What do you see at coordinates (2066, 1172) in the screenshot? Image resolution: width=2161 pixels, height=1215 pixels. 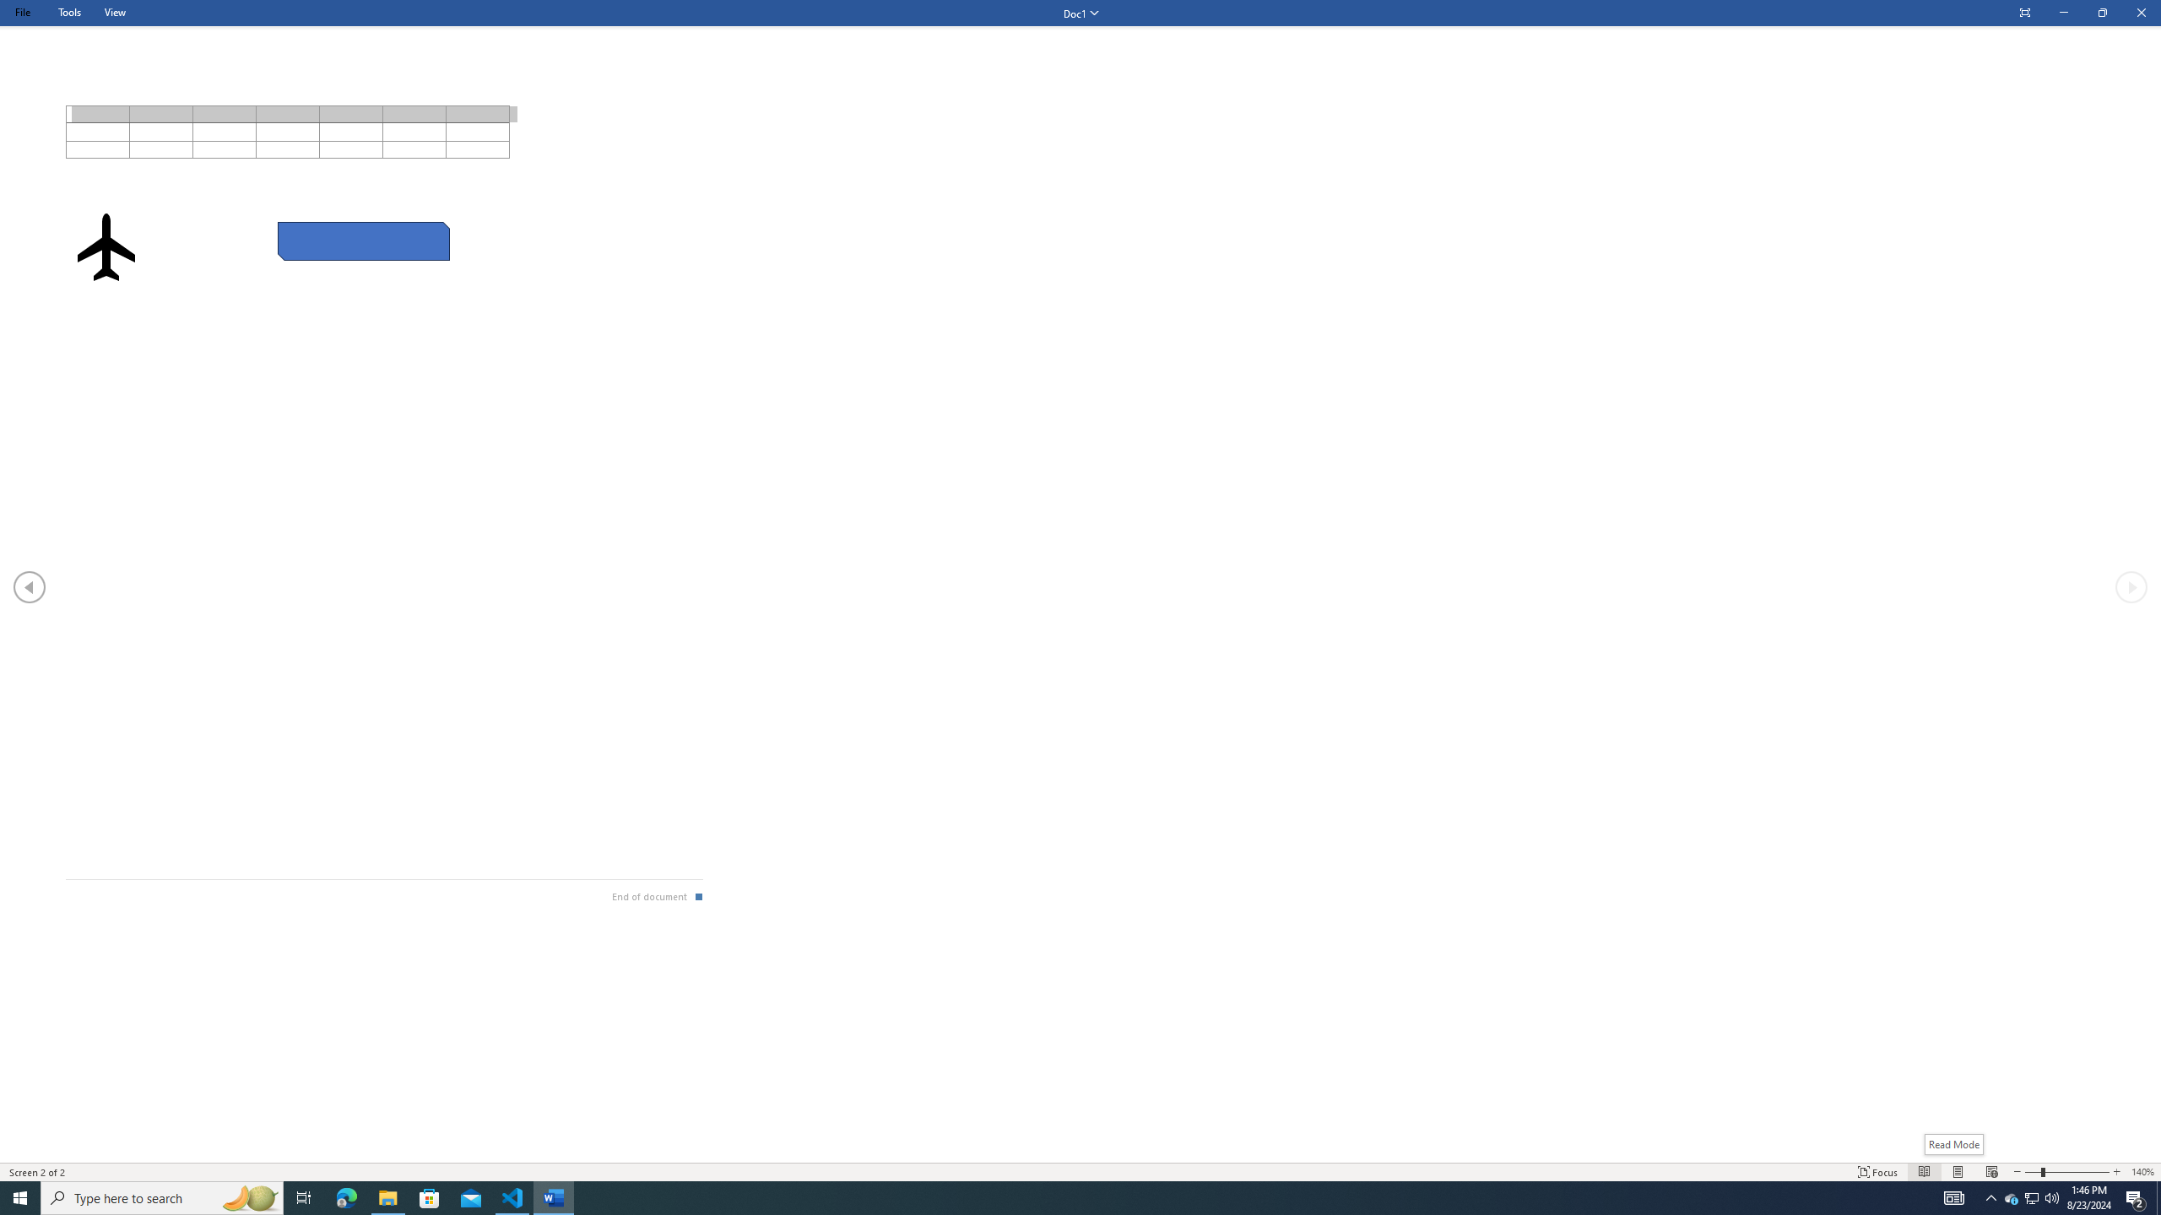 I see `'Text Size'` at bounding box center [2066, 1172].